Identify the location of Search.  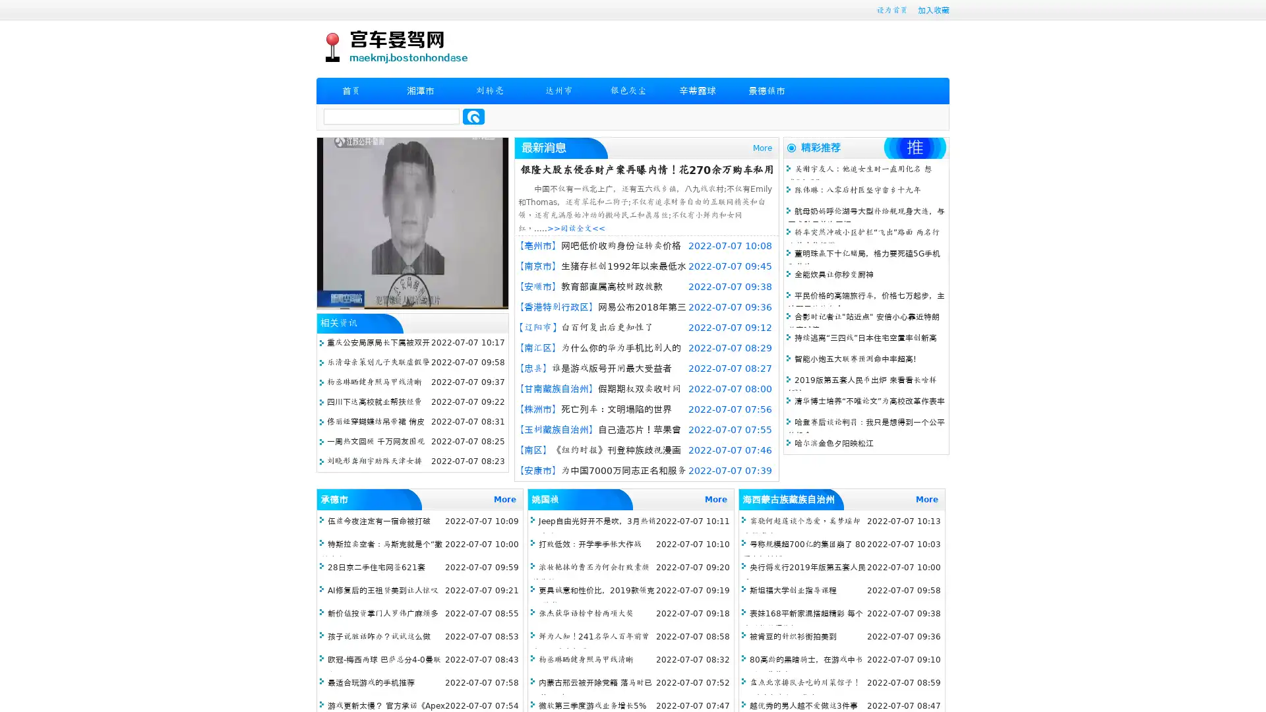
(473, 116).